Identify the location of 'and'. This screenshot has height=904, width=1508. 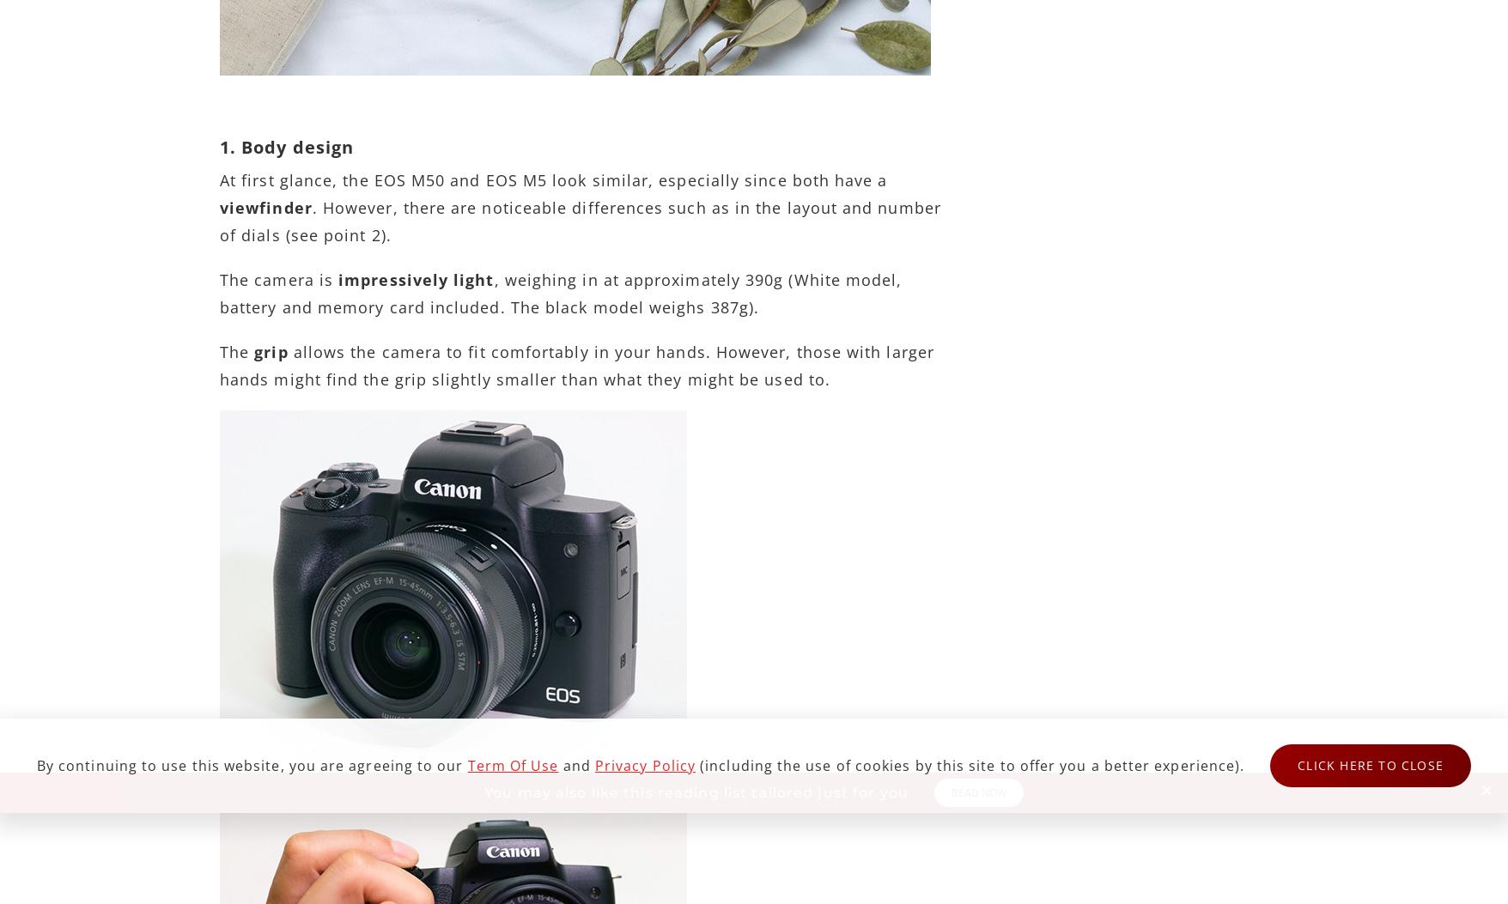
(575, 765).